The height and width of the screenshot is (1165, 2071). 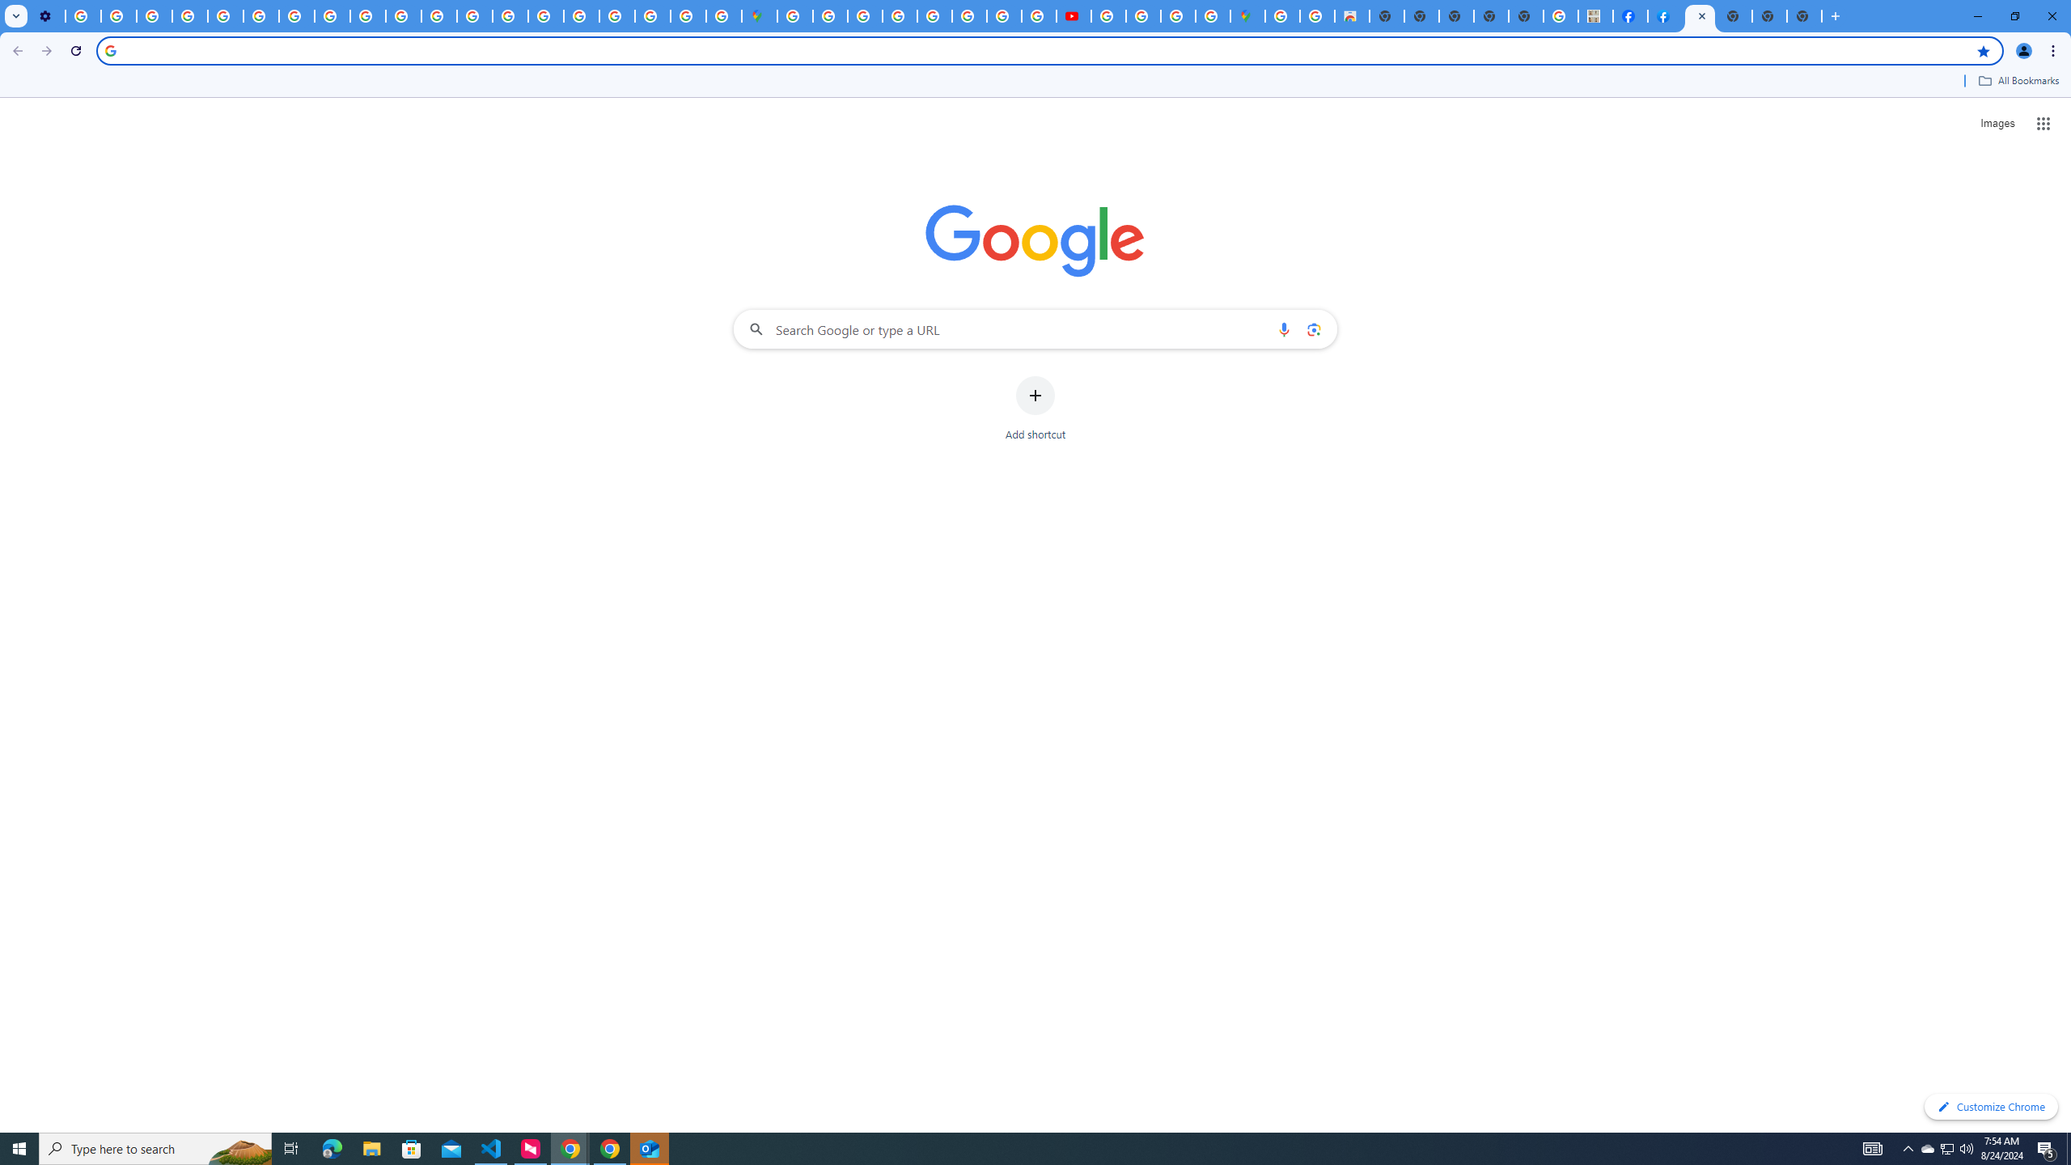 I want to click on 'Add shortcut', so click(x=1035, y=409).